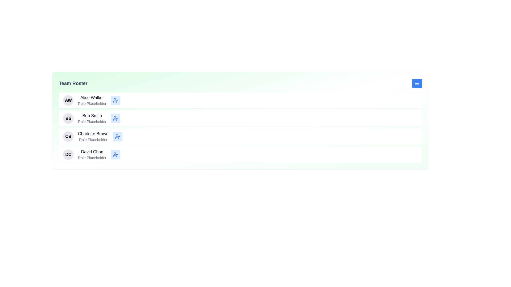 The width and height of the screenshot is (511, 287). I want to click on the icon button representing a user with a plus symbol, located to the right of 'Alice Walker' in the first row, so click(115, 100).